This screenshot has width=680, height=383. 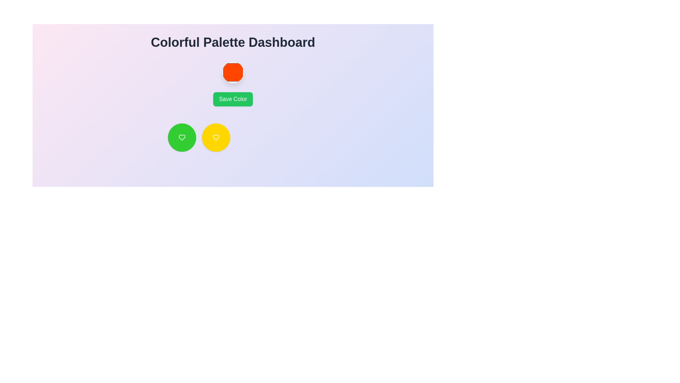 What do you see at coordinates (215, 138) in the screenshot?
I see `the heart-shaped SVG icon with a white outline and a transparent inner background, which is located centrally inside a yellow circular button, positioned slightly below the middle of the interface` at bounding box center [215, 138].